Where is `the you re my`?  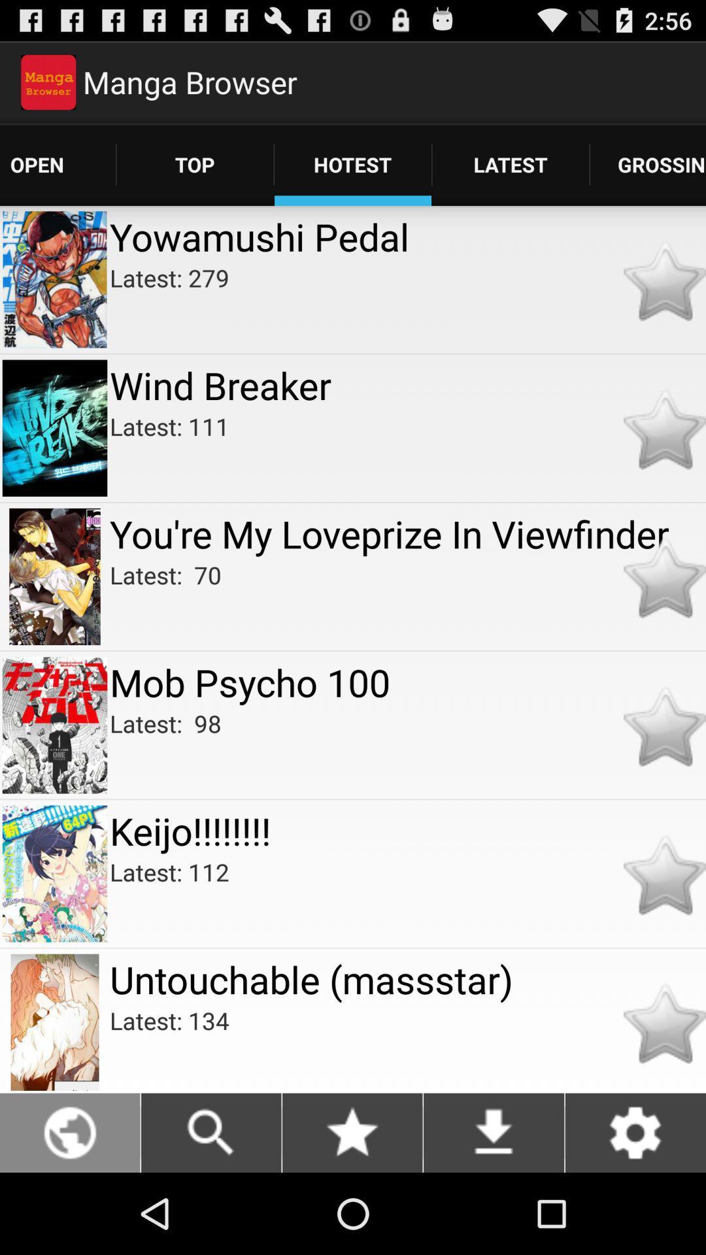
the you re my is located at coordinates (407, 533).